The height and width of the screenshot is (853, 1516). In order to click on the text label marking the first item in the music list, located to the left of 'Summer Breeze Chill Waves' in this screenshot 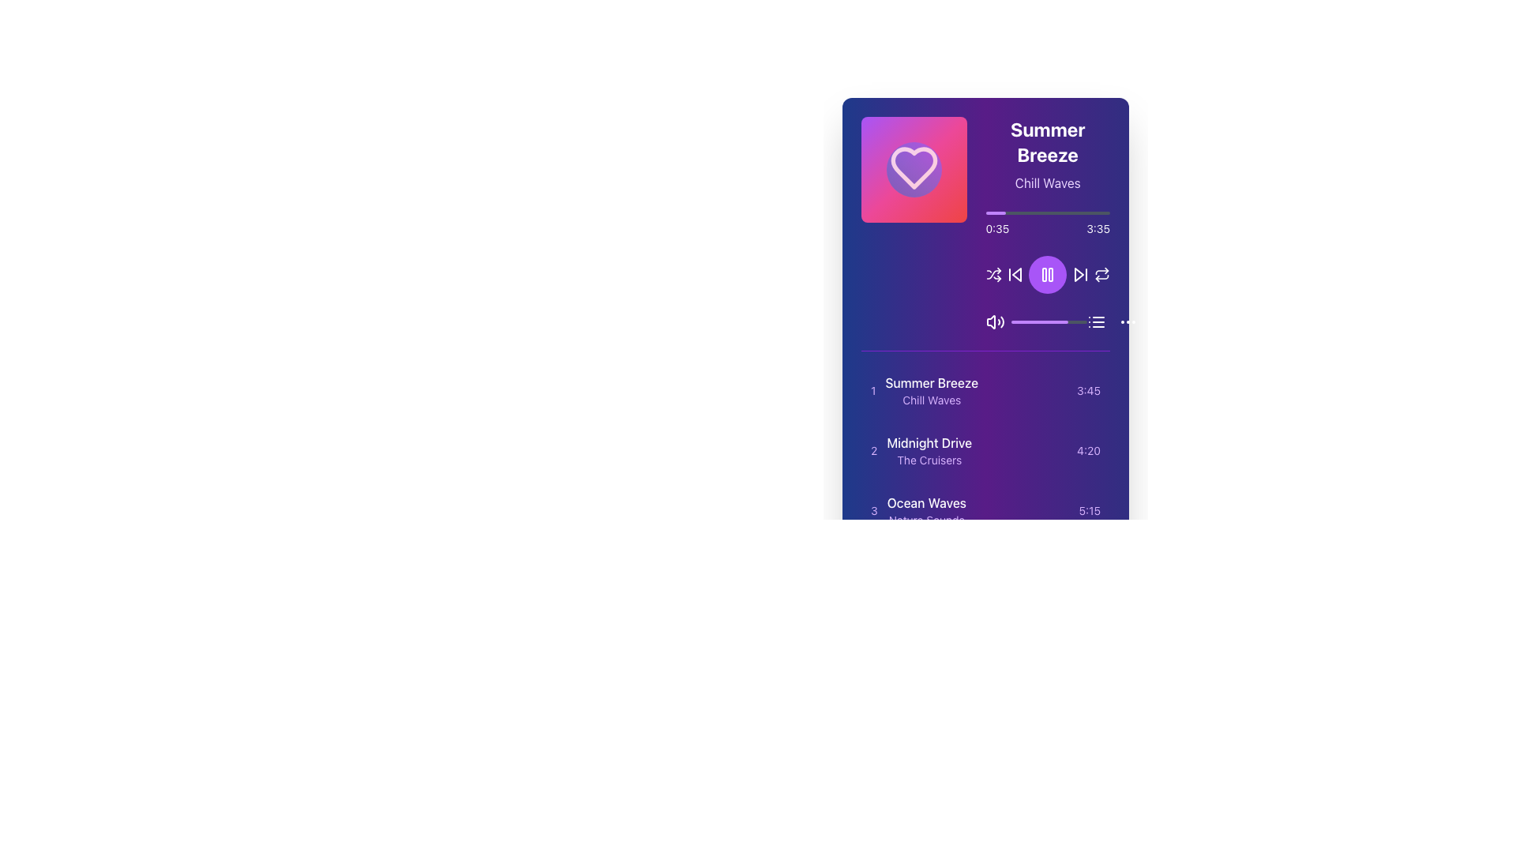, I will do `click(872, 390)`.